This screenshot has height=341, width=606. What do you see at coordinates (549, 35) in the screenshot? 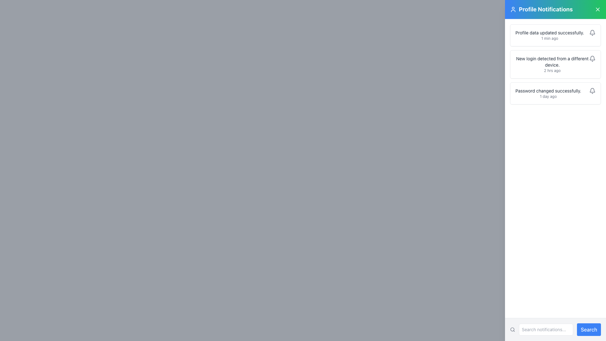
I see `the notification text block that informs users about a recent event or update related to their profile data, located in the upper part of the notification panel` at bounding box center [549, 35].